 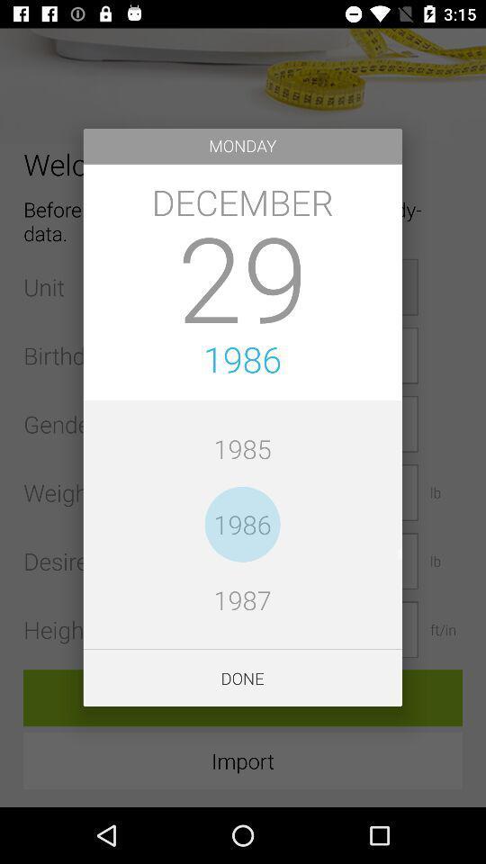 I want to click on done item, so click(x=242, y=677).